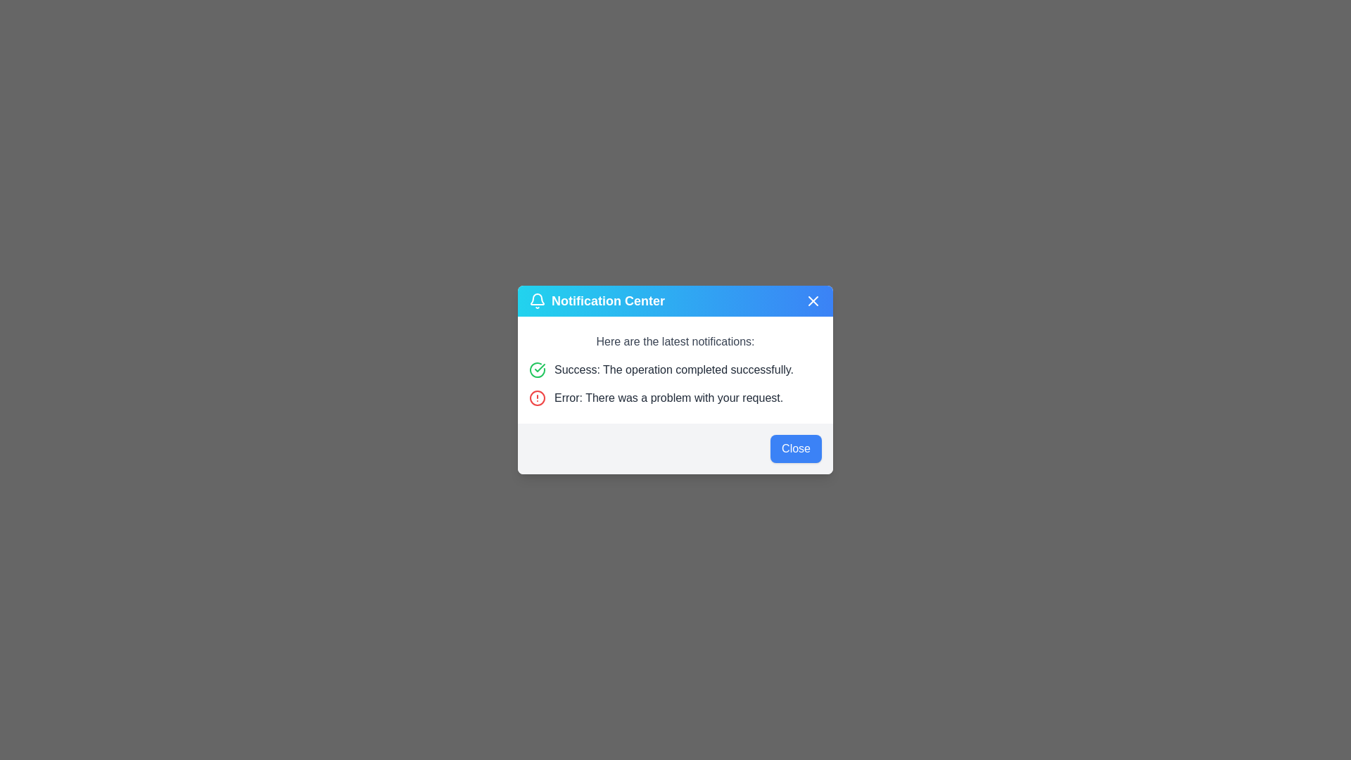 Image resolution: width=1351 pixels, height=760 pixels. Describe the element at coordinates (813, 300) in the screenshot. I see `the close button represented by an 'X' icon in a circular background at the top-right corner of the notification panel` at that location.